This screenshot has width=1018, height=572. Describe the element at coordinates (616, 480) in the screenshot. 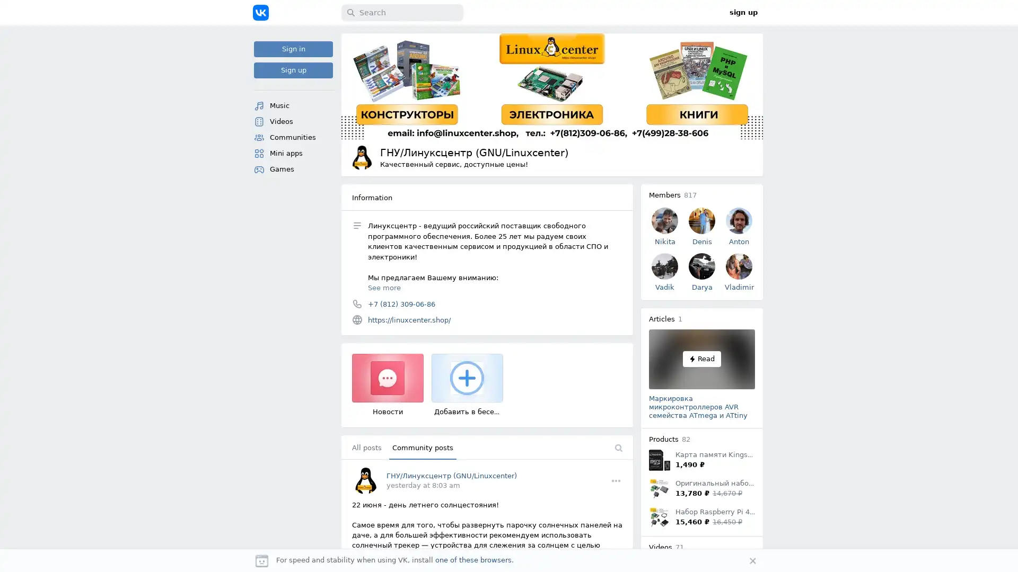

I see `Actions` at that location.